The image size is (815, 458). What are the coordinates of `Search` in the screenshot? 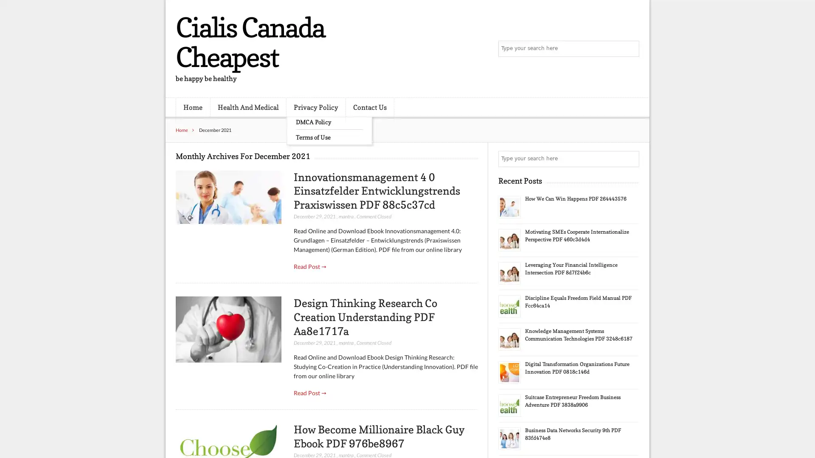 It's located at (630, 49).